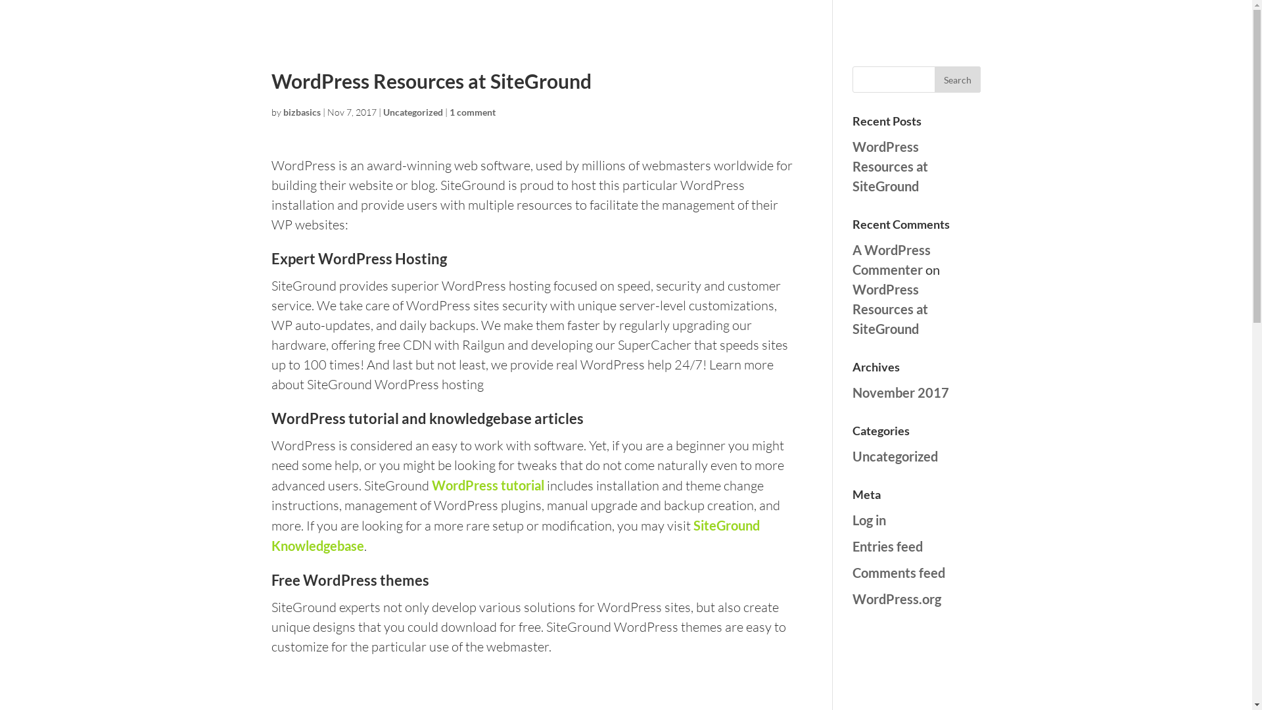 The width and height of the screenshot is (1262, 710). What do you see at coordinates (411, 111) in the screenshot?
I see `'Uncategorized'` at bounding box center [411, 111].